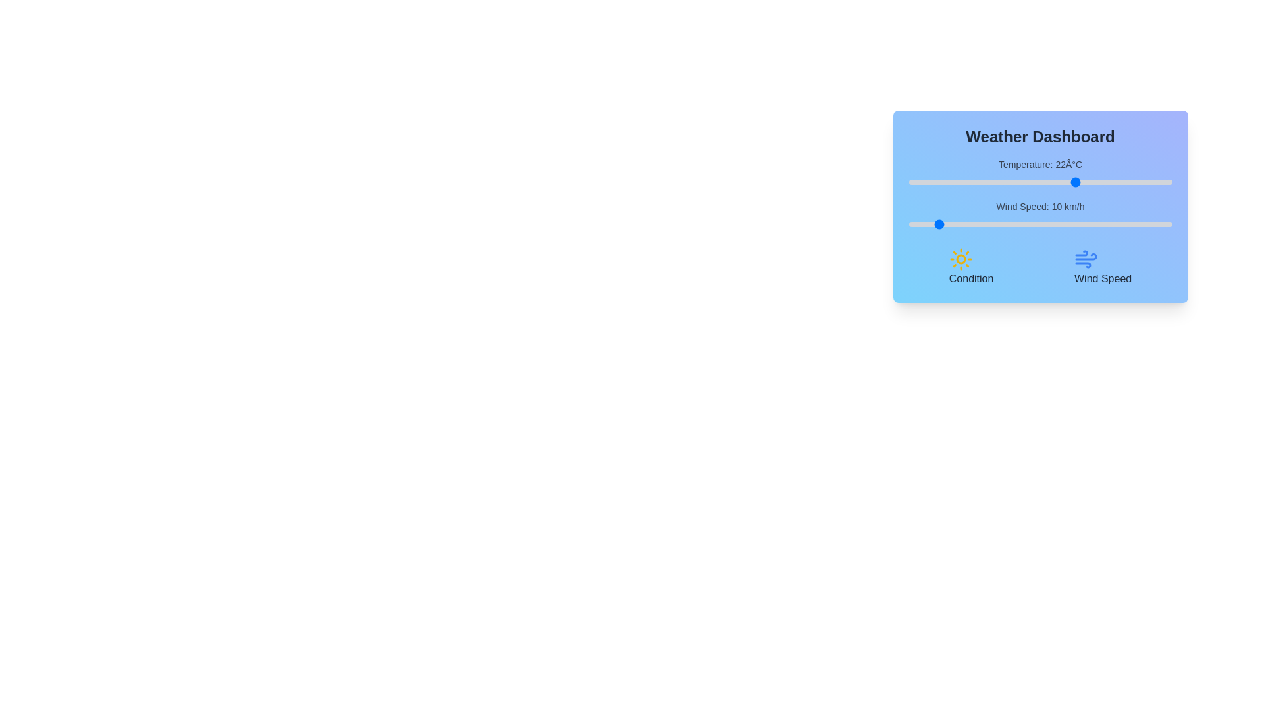  What do you see at coordinates (1018, 182) in the screenshot?
I see `the temperature slider to set the temperature to 11°C` at bounding box center [1018, 182].